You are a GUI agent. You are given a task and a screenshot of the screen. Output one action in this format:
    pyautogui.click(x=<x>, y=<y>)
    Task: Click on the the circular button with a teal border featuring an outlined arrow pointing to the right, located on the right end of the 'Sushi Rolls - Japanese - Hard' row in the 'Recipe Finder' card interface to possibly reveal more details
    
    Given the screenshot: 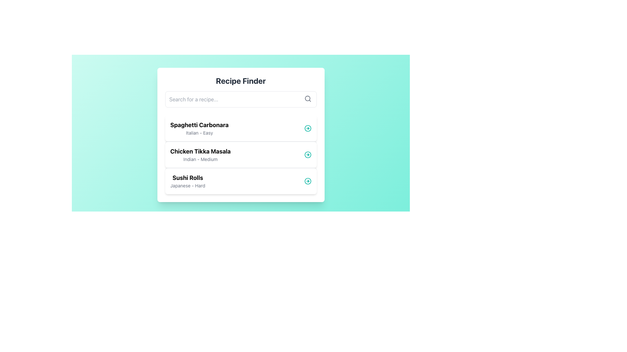 What is the action you would take?
    pyautogui.click(x=307, y=181)
    